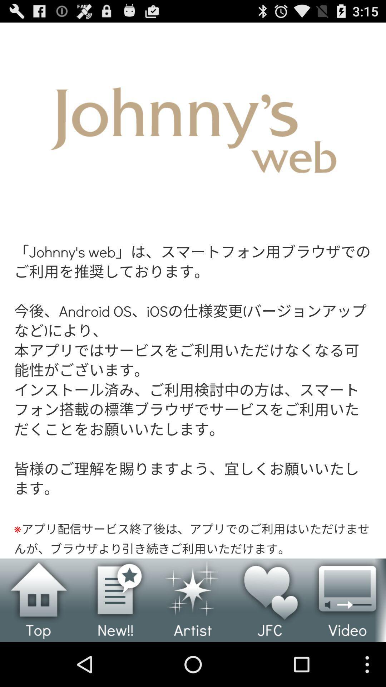 The width and height of the screenshot is (386, 687). Describe the element at coordinates (347, 642) in the screenshot. I see `the chat icon` at that location.